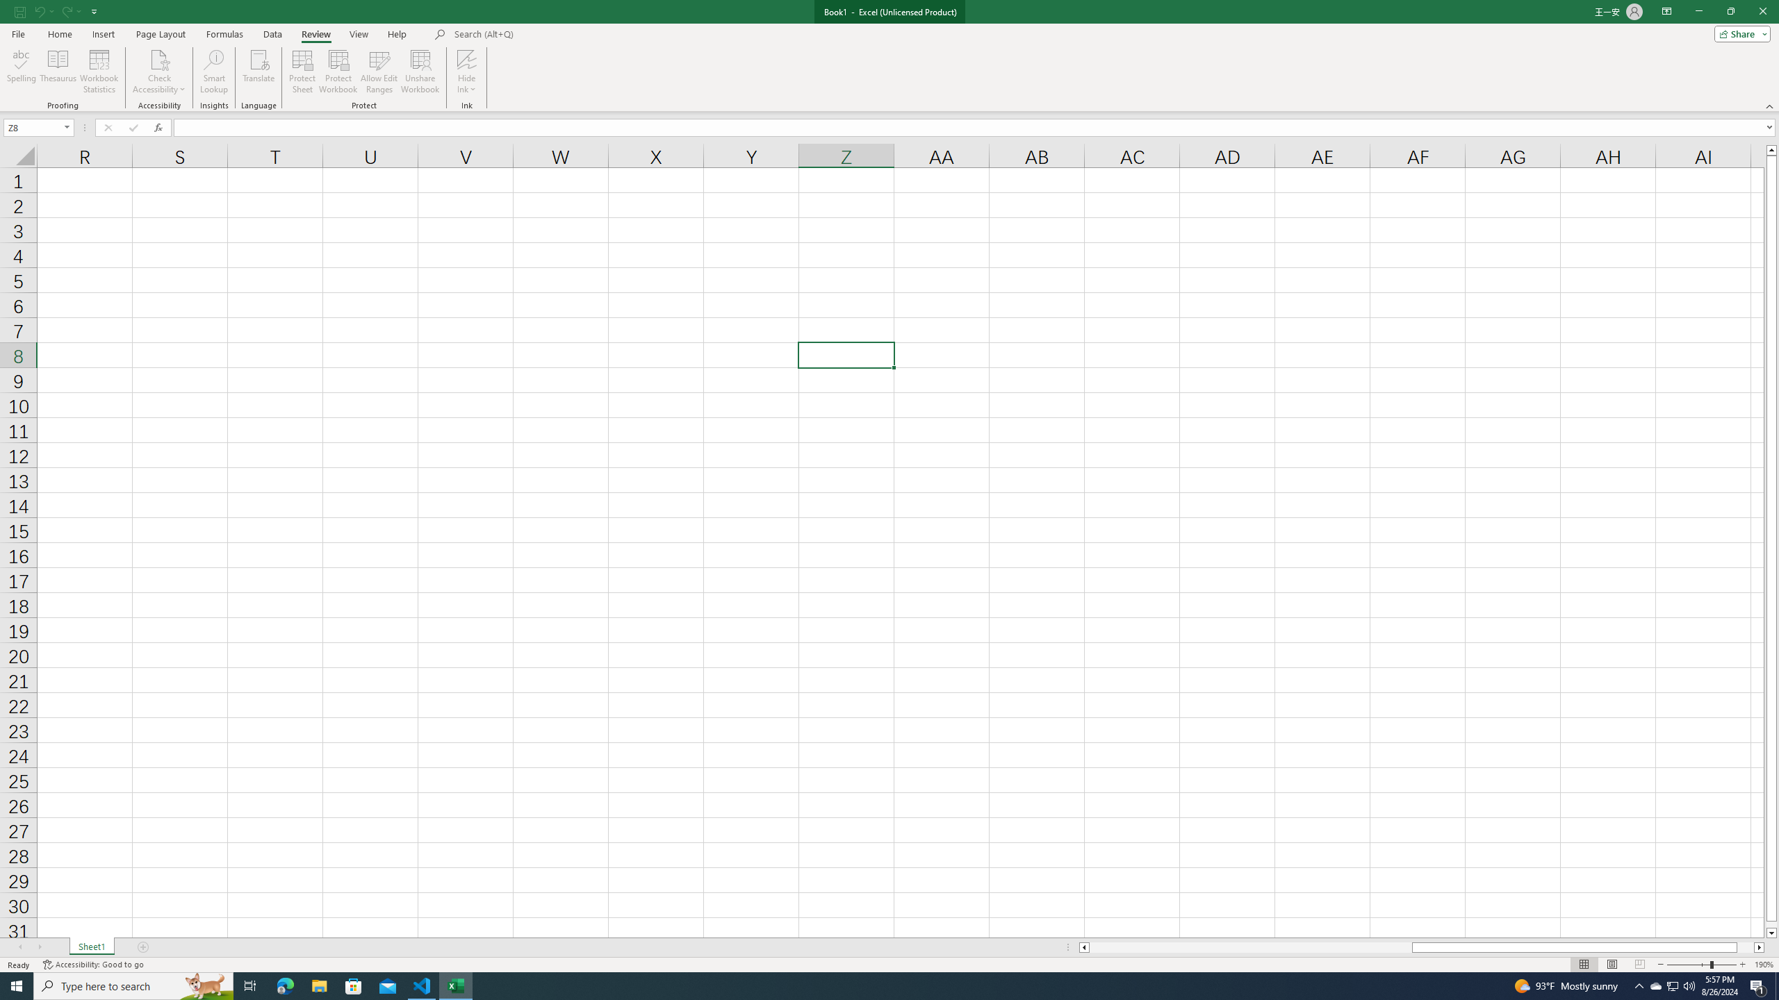  I want to click on 'Unshare Workbook', so click(420, 72).